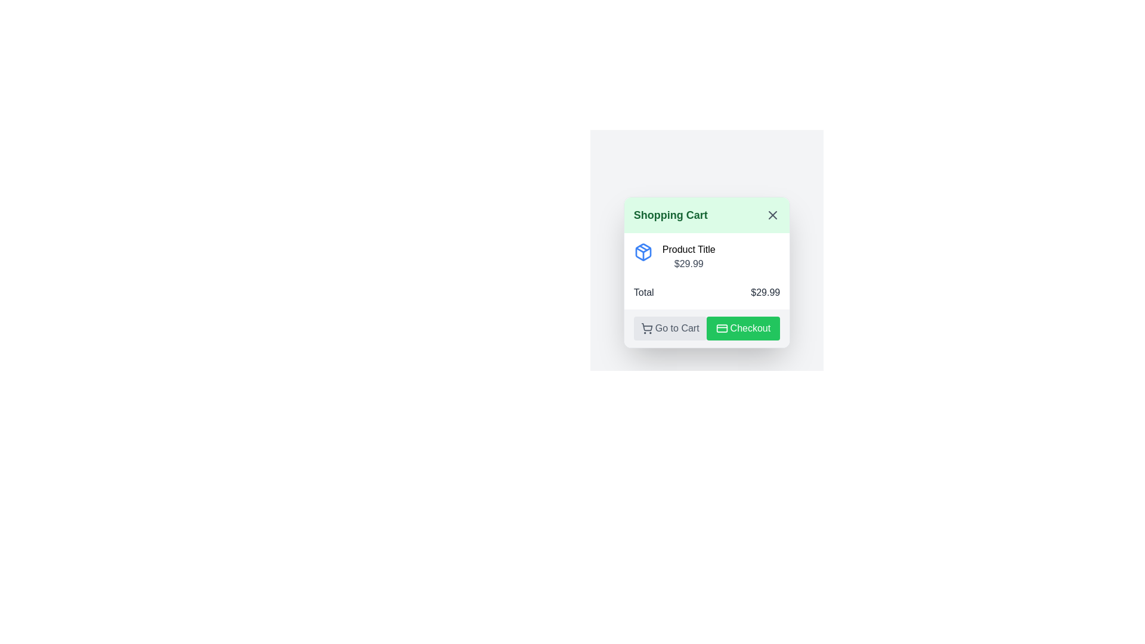  I want to click on the static text displaying the price '$29.99', which is positioned below the 'Product Title' text in the shopping cart interface, so click(689, 263).